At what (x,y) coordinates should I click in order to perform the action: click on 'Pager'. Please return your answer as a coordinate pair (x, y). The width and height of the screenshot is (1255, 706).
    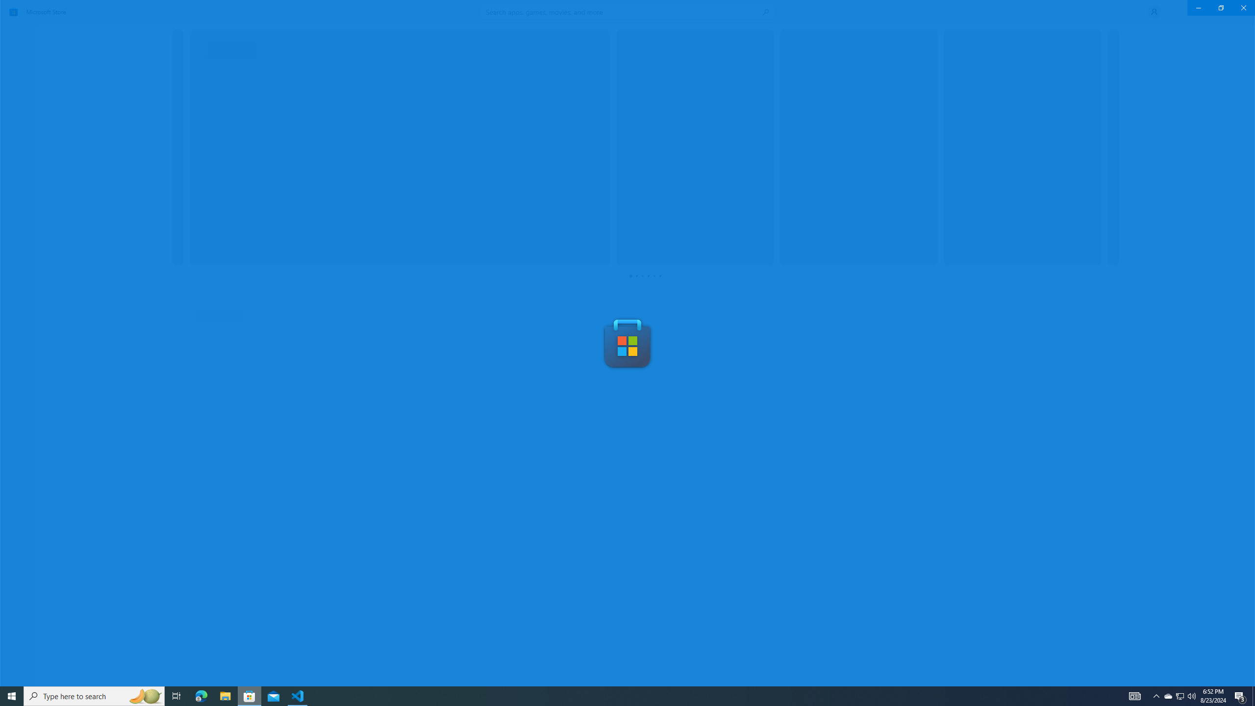
    Looking at the image, I should click on (645, 276).